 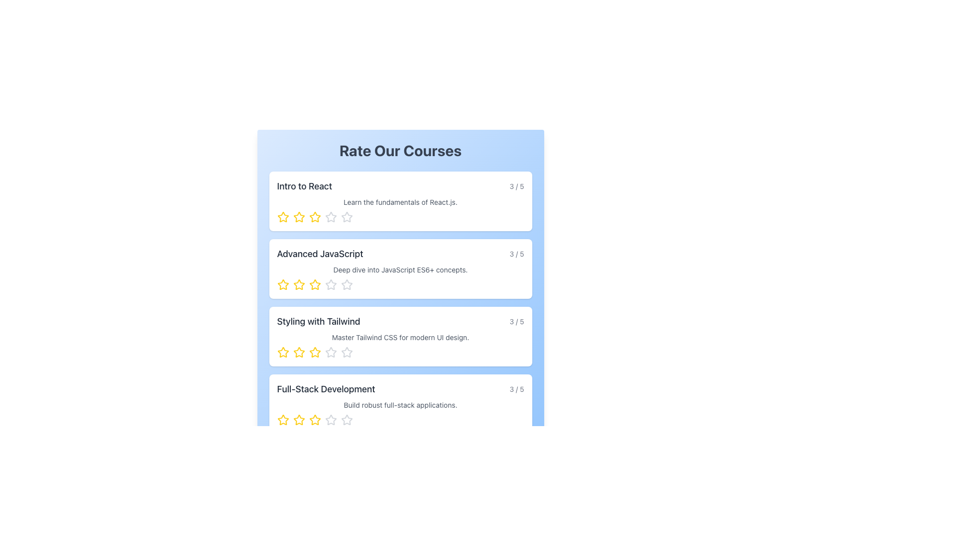 What do you see at coordinates (298, 216) in the screenshot?
I see `the second star icon in the rating section of the 'Intro to React' course` at bounding box center [298, 216].